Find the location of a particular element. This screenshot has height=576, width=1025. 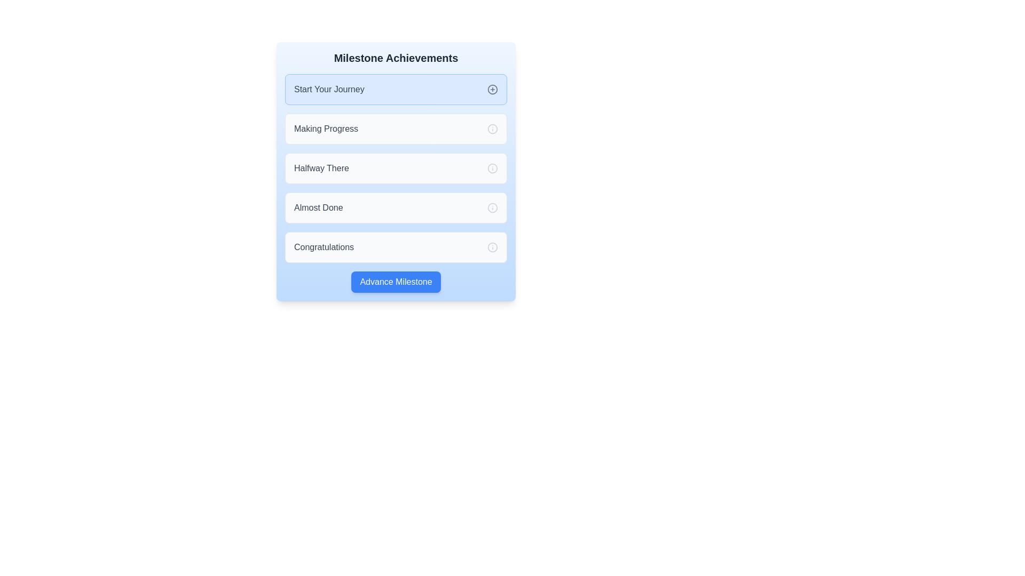

the text label displaying 'Almost Done' which is aligned to the left in the 'Milestone Achievements' section, positioned between 'Halfway There' and 'Congratulations' is located at coordinates (318, 207).